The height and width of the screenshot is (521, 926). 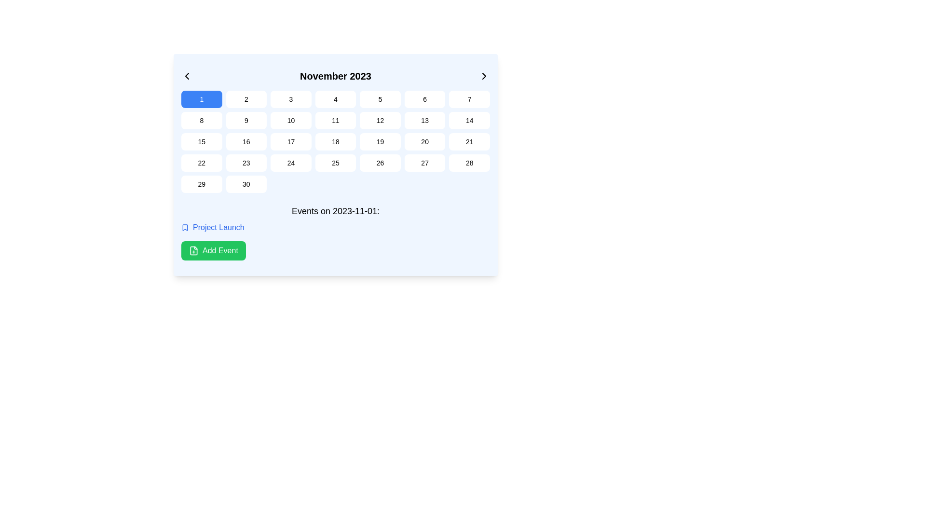 I want to click on the button labeled '5', which is a rectangular button with rounded corners and a white background, so click(x=380, y=99).